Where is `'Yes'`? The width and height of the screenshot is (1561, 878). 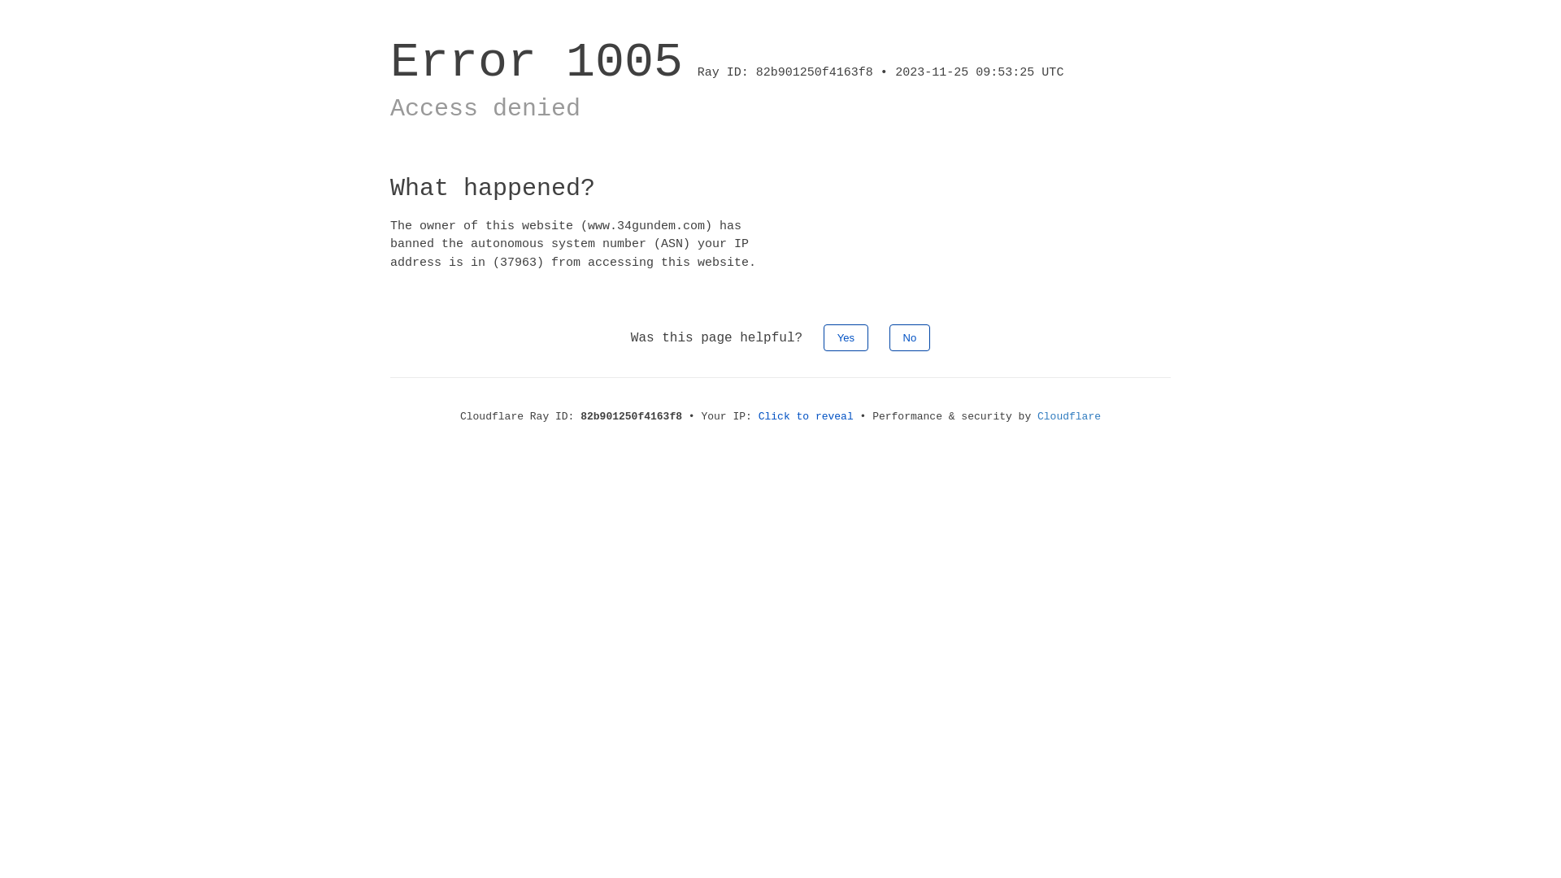
'Yes' is located at coordinates (846, 337).